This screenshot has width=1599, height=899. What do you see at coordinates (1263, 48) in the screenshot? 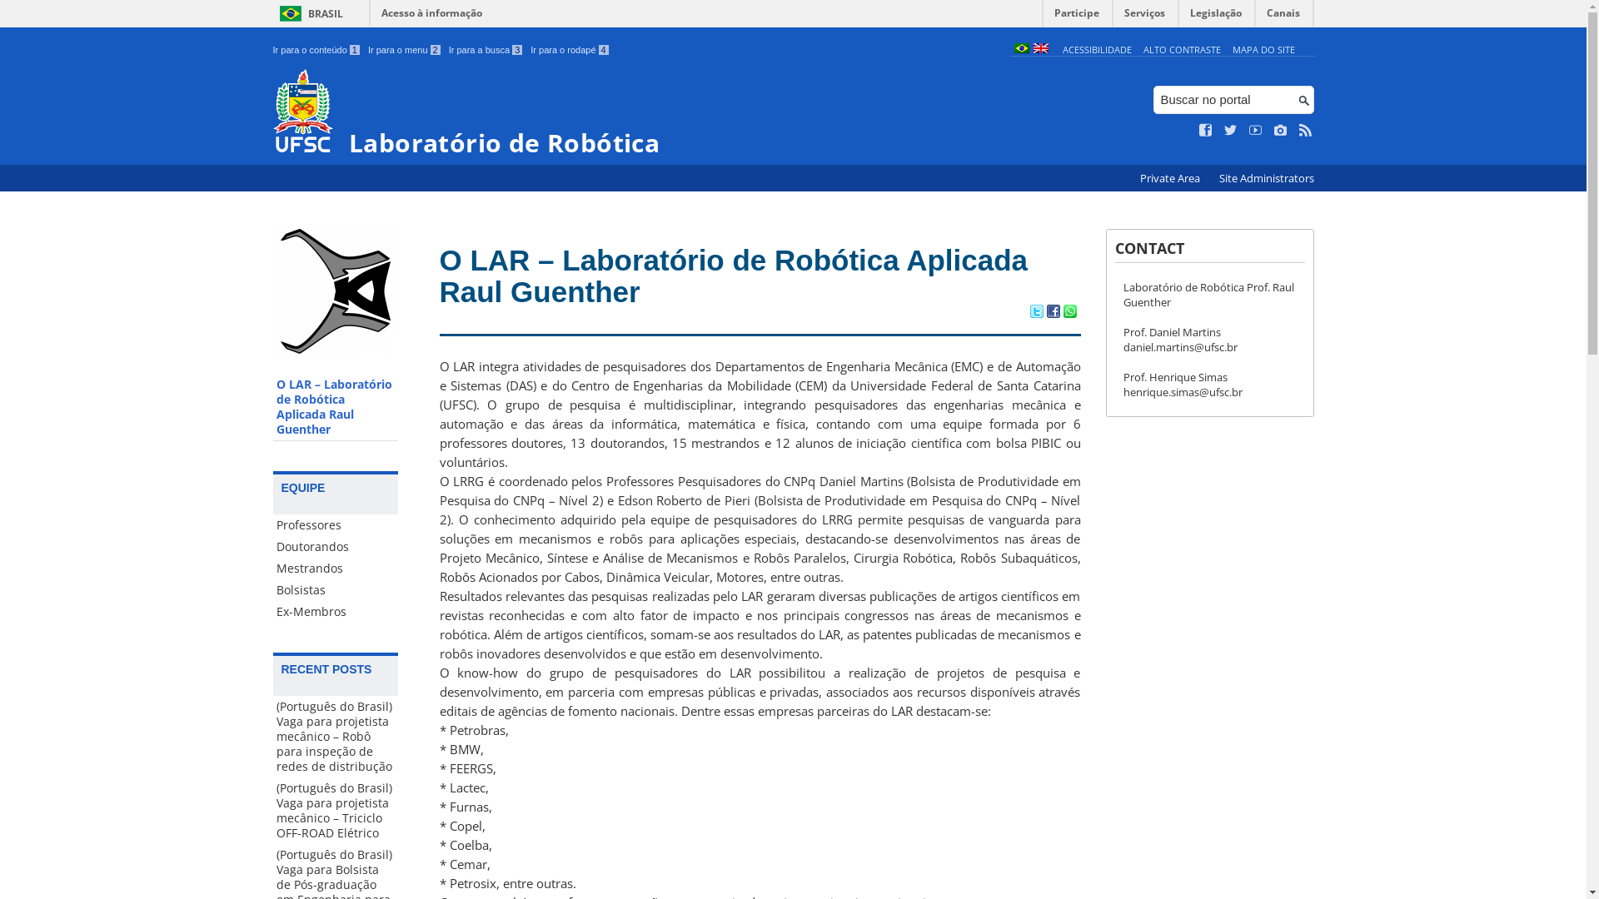
I see `'MAPA DO SITE'` at bounding box center [1263, 48].